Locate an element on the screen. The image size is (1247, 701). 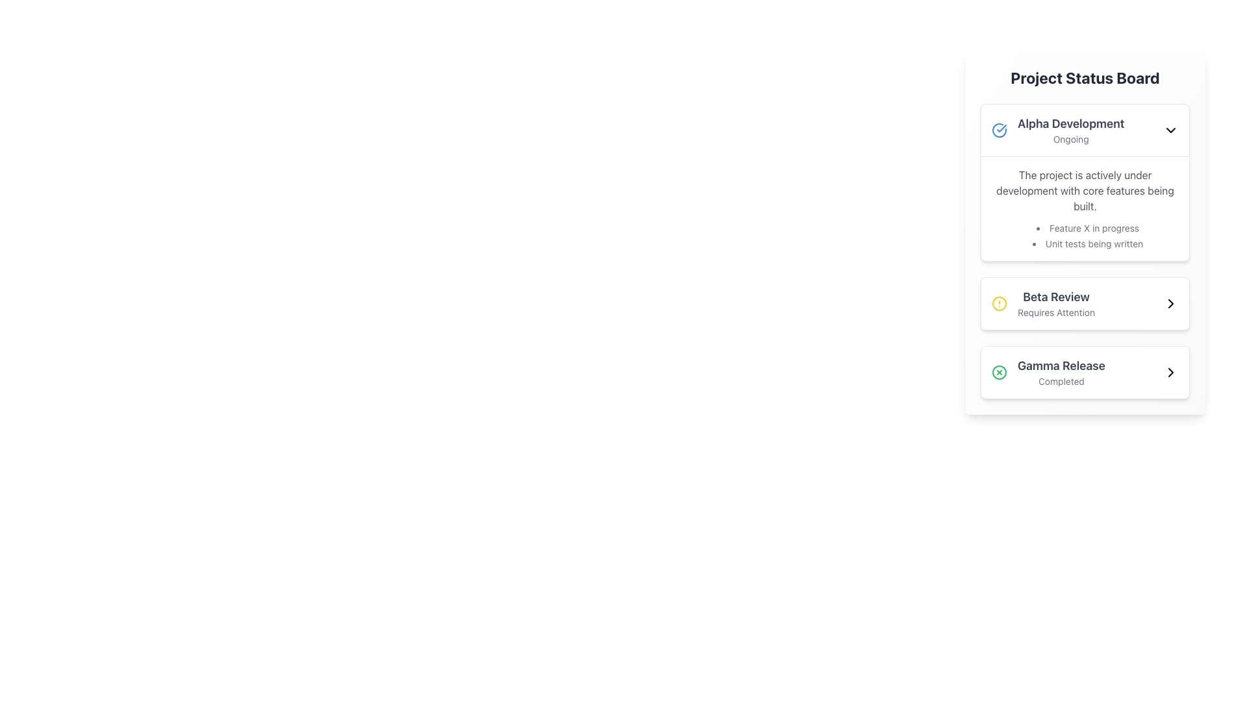
the textual indicator of progress in the 'Alpha Development' section, which is positioned above the 'Unit tests being written' list item is located at coordinates (1088, 227).